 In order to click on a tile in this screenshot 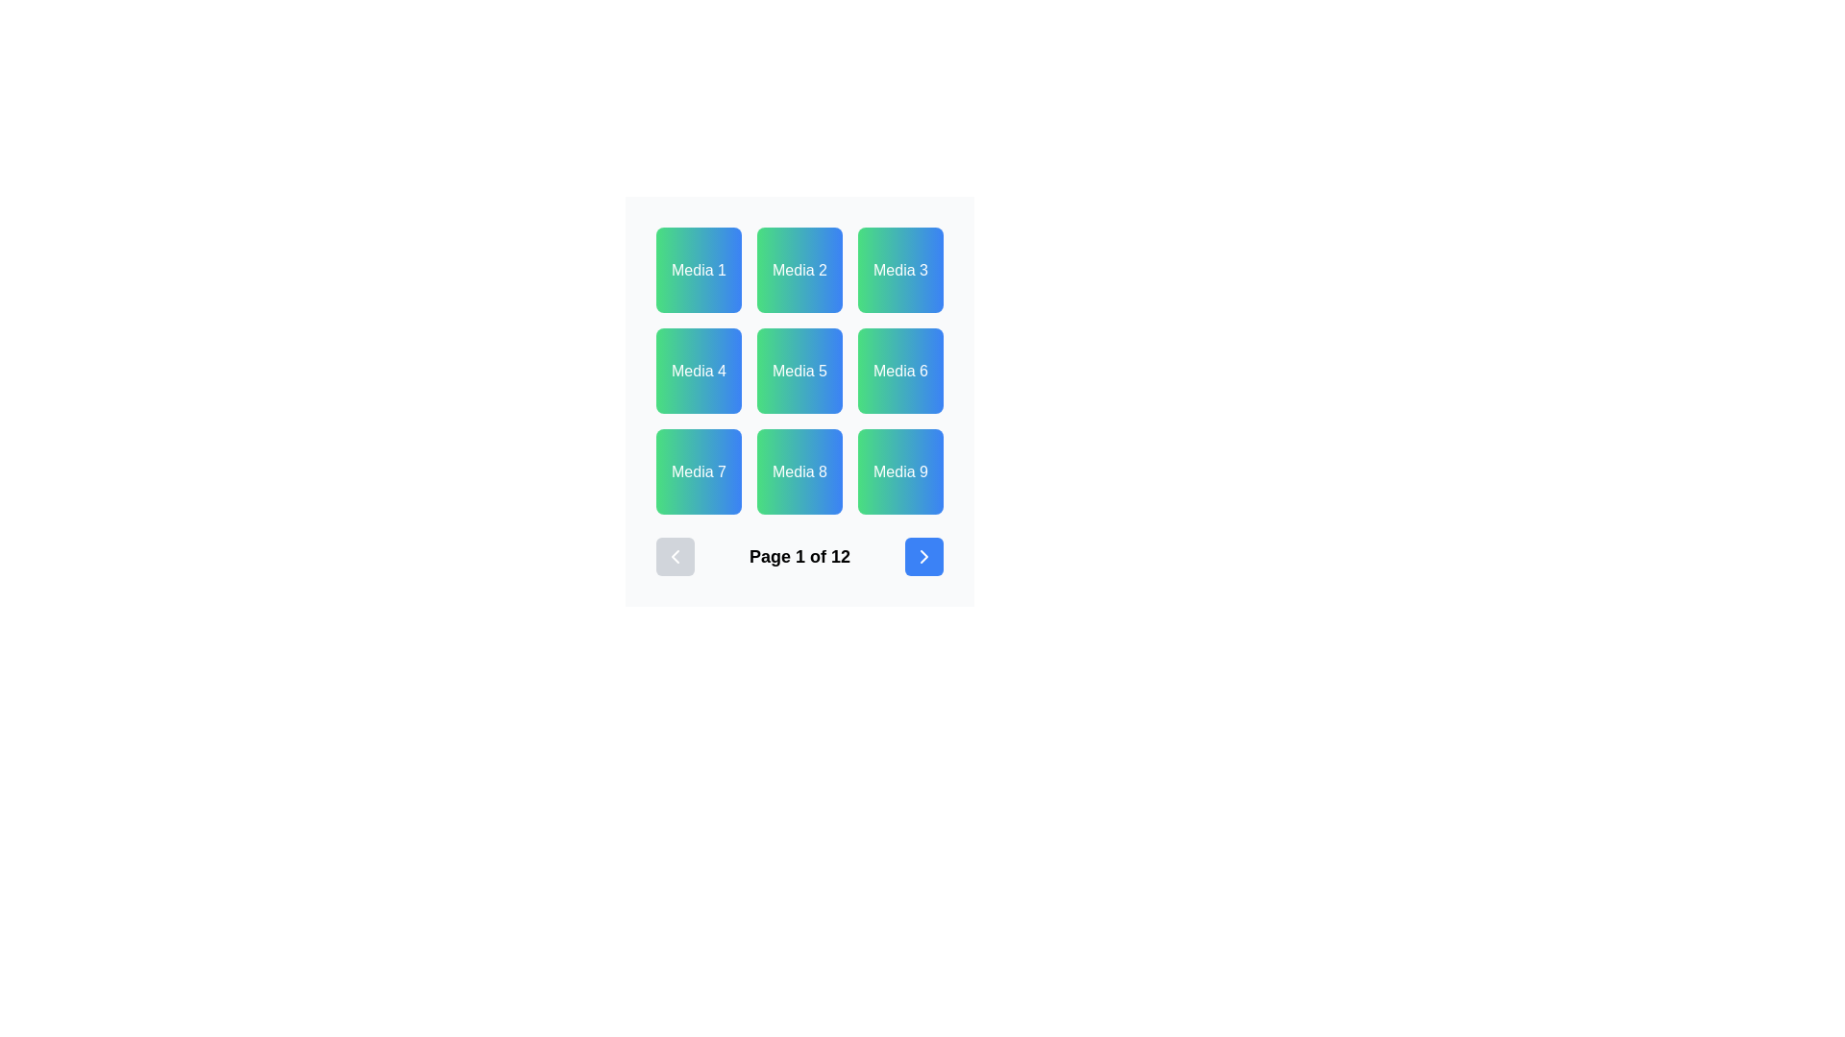, I will do `click(799, 371)`.